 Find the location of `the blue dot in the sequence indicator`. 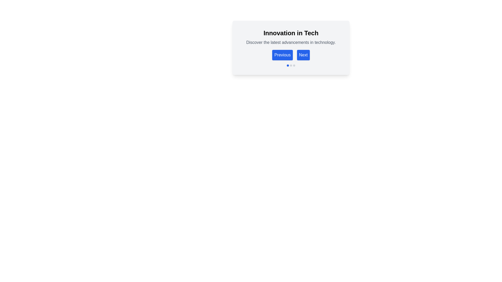

the blue dot in the sequence indicator is located at coordinates (291, 65).